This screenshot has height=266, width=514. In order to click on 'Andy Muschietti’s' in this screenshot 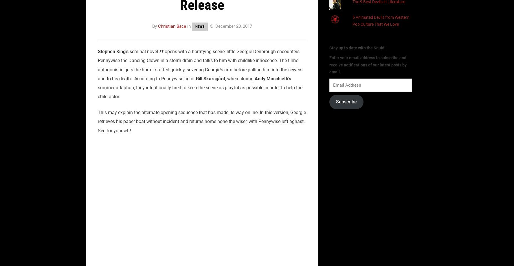, I will do `click(273, 78)`.